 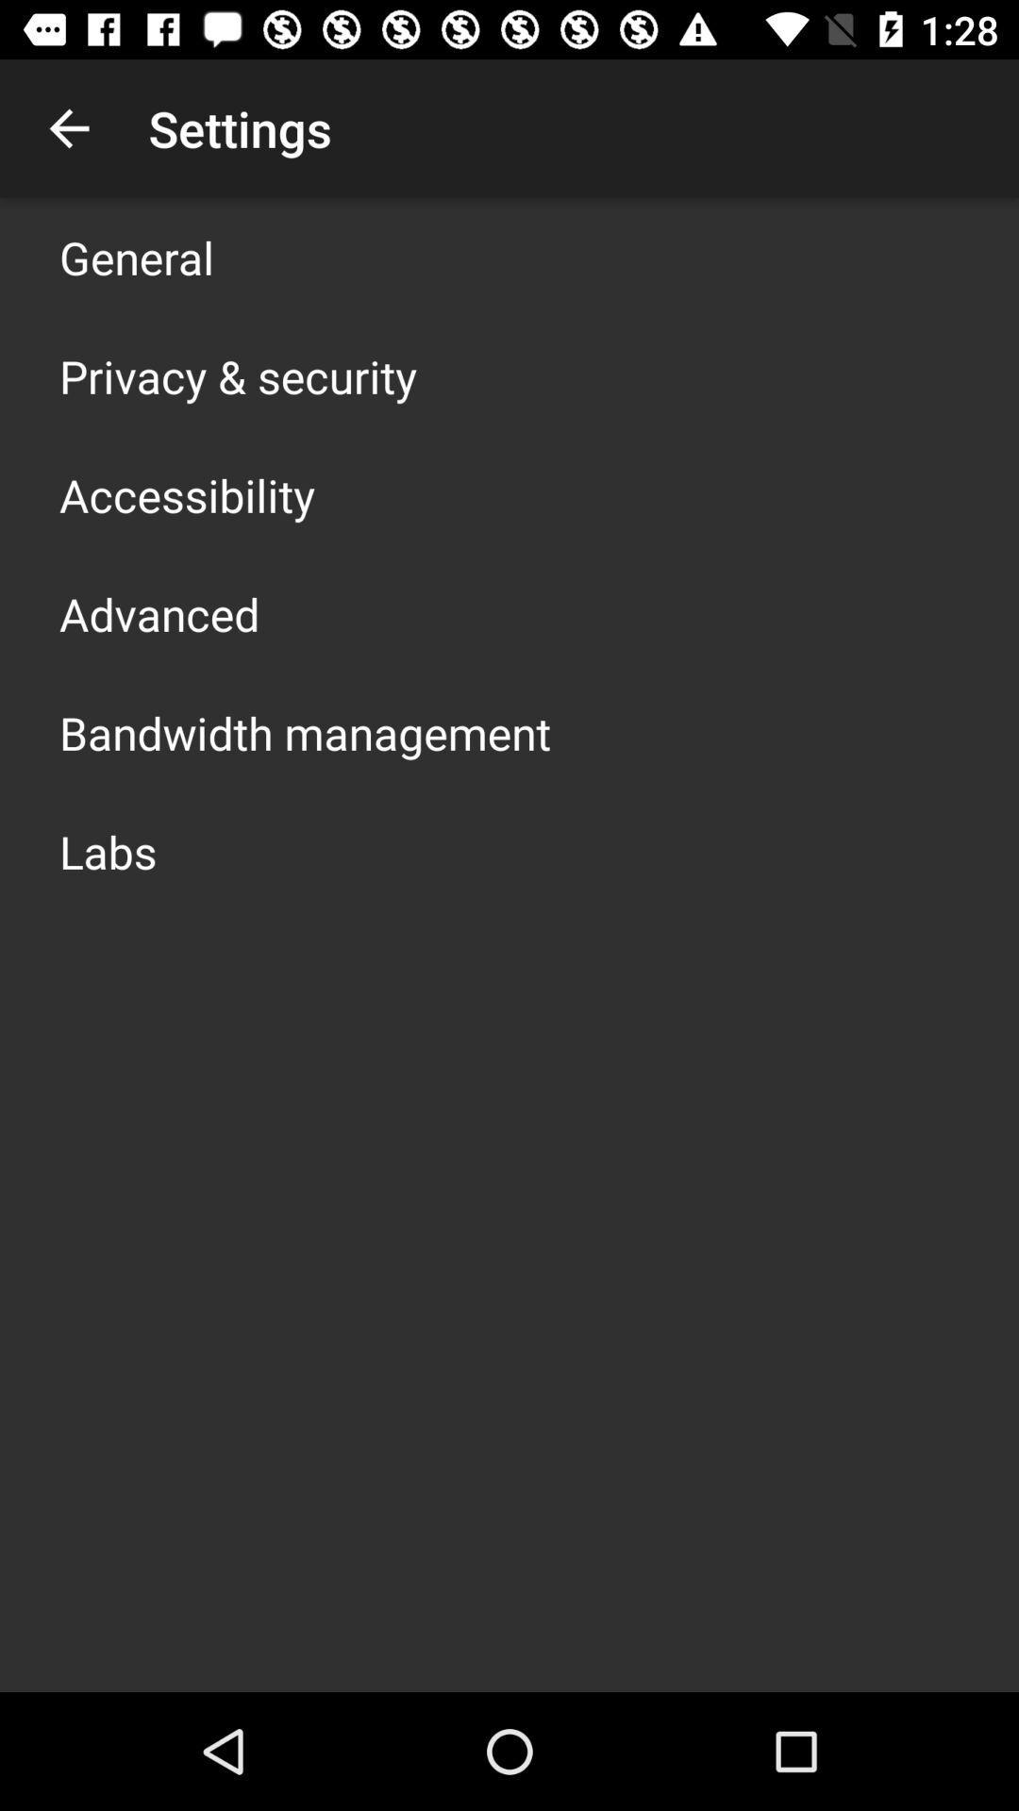 I want to click on item above the general app, so click(x=68, y=127).